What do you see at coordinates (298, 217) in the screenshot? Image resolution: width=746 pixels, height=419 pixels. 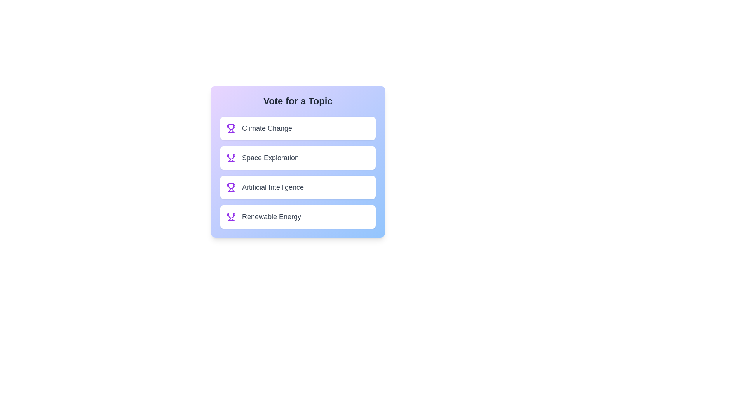 I see `the button labeled 'Renewable Energy'` at bounding box center [298, 217].